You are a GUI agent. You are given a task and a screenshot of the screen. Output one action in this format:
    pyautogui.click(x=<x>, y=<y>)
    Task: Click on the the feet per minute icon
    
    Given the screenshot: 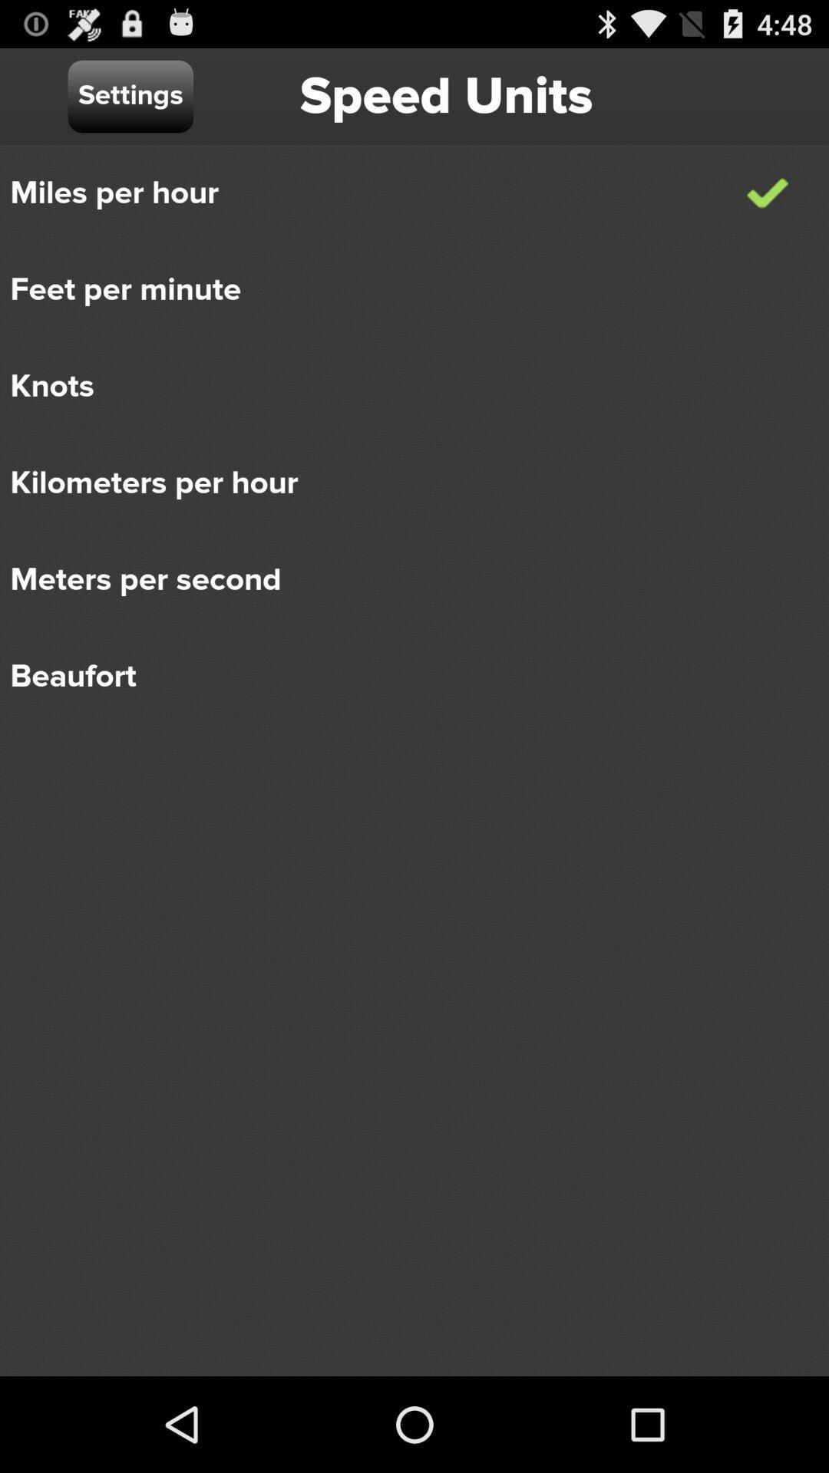 What is the action you would take?
    pyautogui.click(x=403, y=290)
    